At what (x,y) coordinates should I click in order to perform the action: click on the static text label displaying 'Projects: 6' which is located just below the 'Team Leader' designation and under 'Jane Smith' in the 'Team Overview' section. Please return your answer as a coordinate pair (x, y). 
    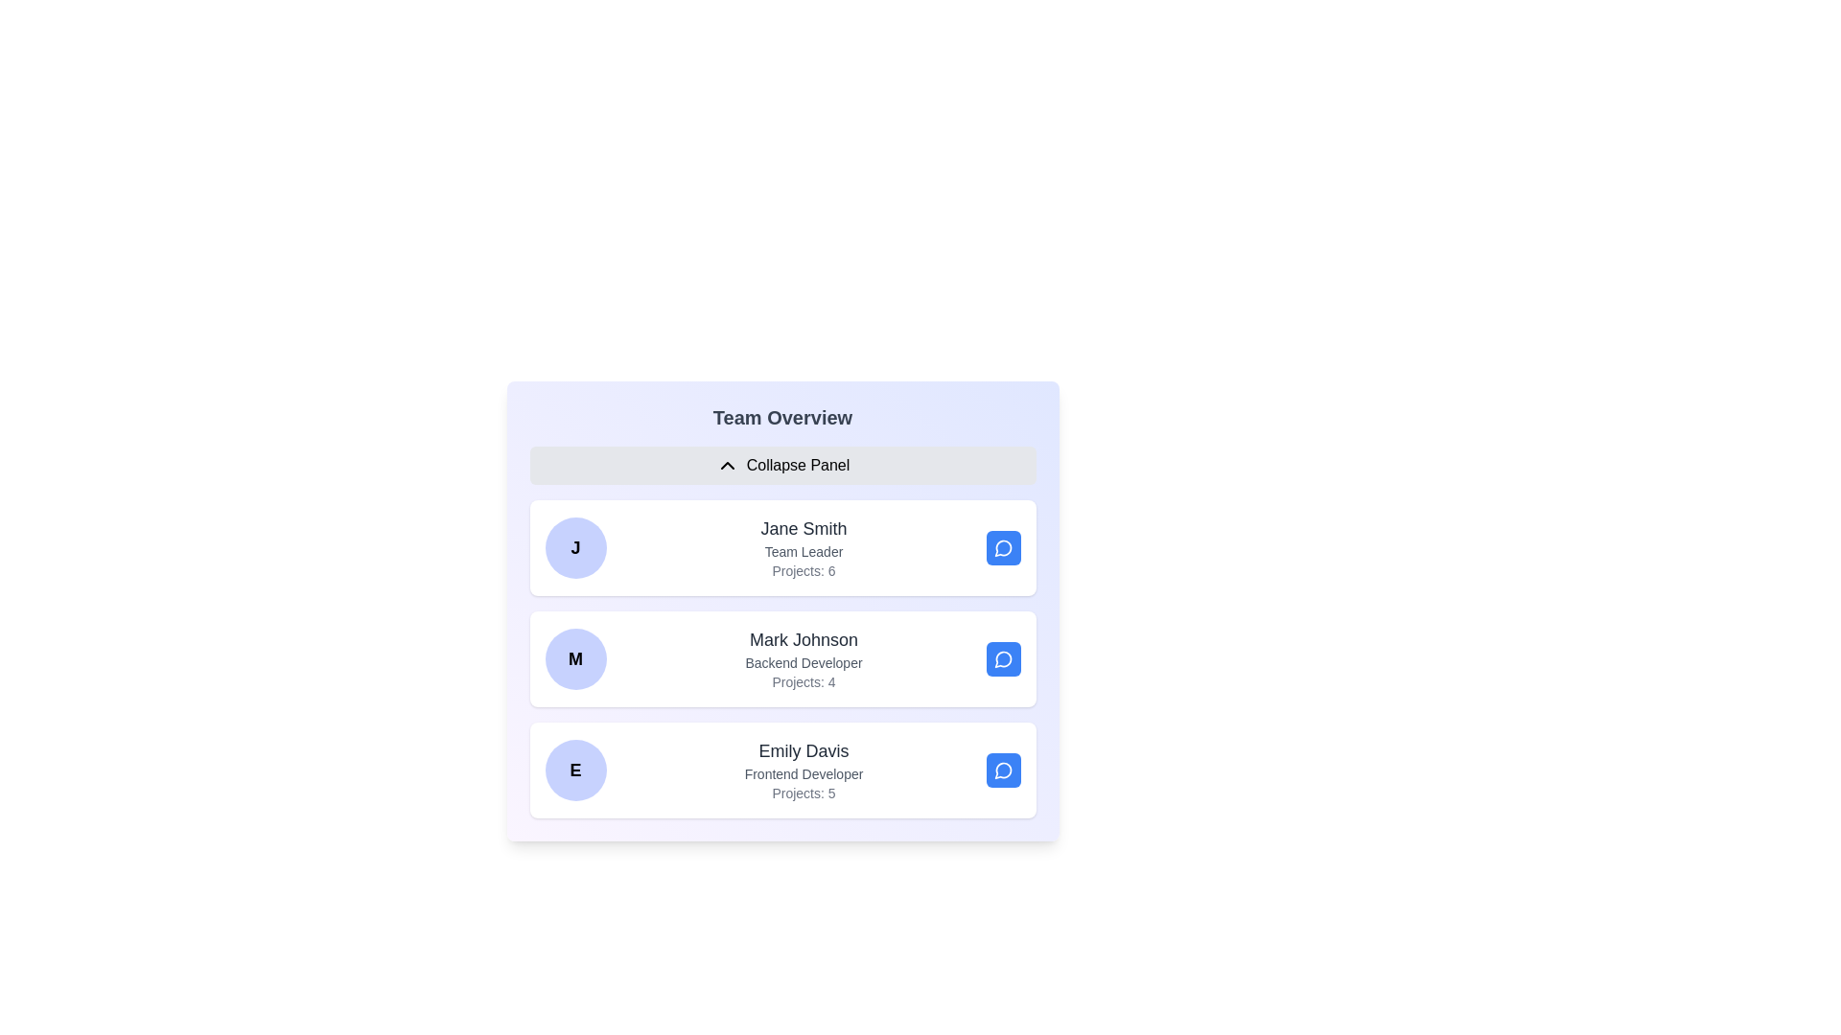
    Looking at the image, I should click on (804, 570).